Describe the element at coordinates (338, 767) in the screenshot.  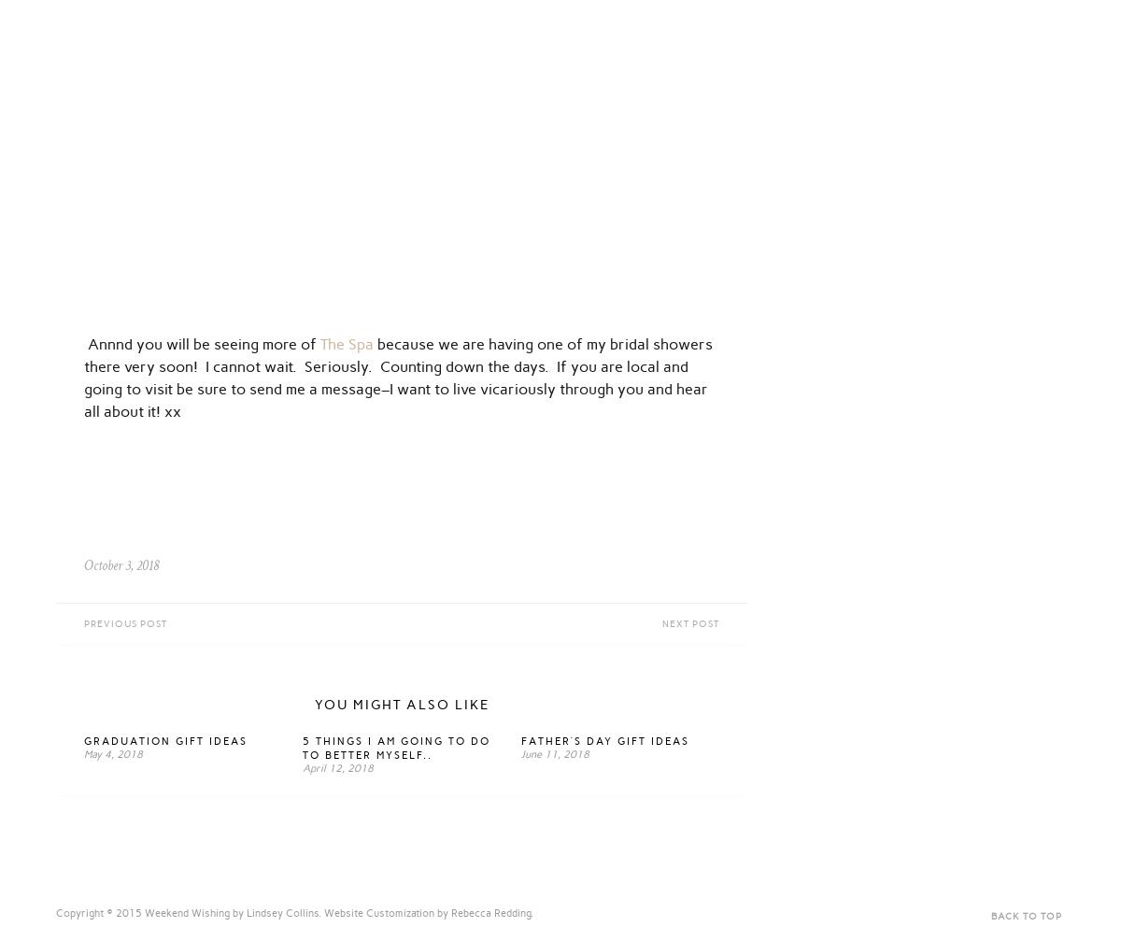
I see `'April 12, 2018'` at that location.